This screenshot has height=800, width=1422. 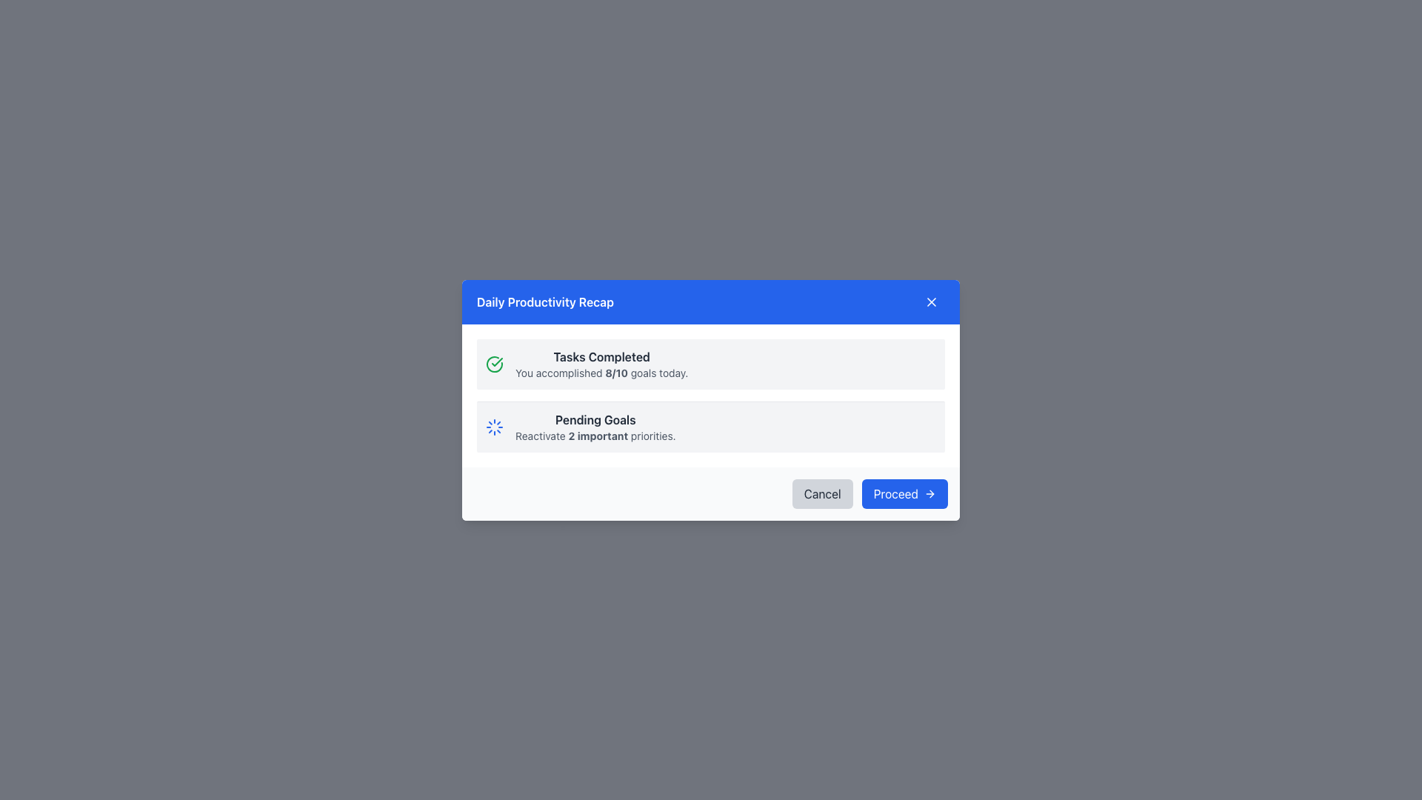 I want to click on the text block displaying 'Tasks Completed' with the summary 'You accomplished 8/10 goals today.' located centrally in the main dialog box, directly to the right of a green icon, so click(x=601, y=364).